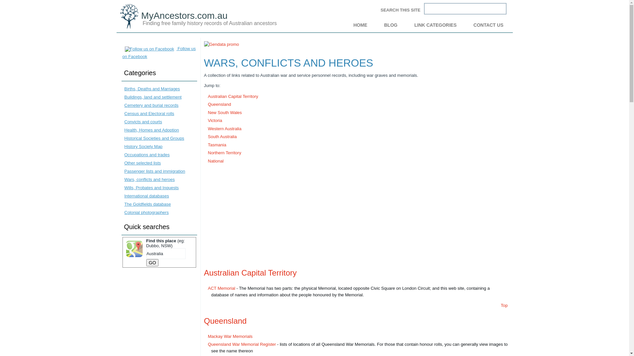 This screenshot has width=634, height=356. What do you see at coordinates (146, 155) in the screenshot?
I see `'Occupations and trades'` at bounding box center [146, 155].